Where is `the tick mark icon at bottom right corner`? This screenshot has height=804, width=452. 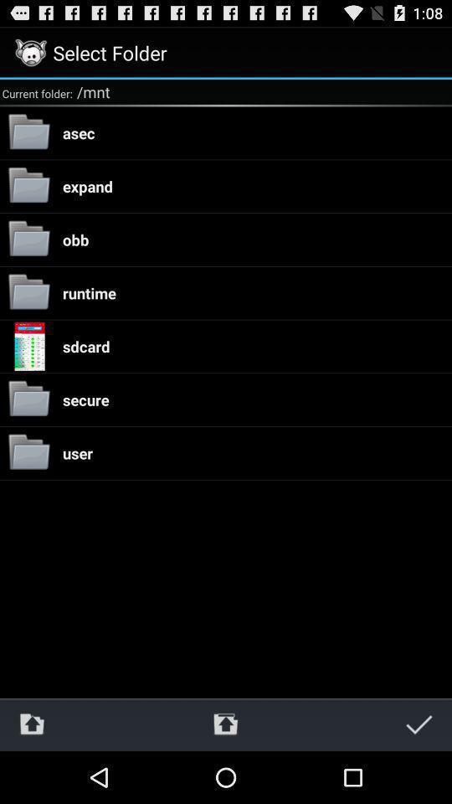
the tick mark icon at bottom right corner is located at coordinates (419, 724).